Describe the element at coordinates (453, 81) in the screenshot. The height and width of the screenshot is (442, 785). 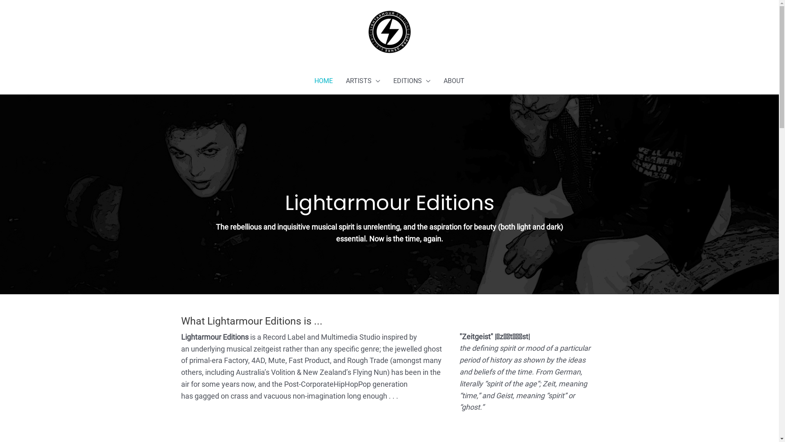
I see `'ABOUT'` at that location.